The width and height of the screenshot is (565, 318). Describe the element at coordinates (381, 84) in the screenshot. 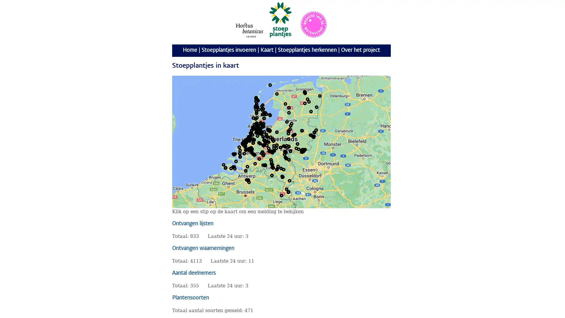

I see `Toggle fullscreen view` at that location.